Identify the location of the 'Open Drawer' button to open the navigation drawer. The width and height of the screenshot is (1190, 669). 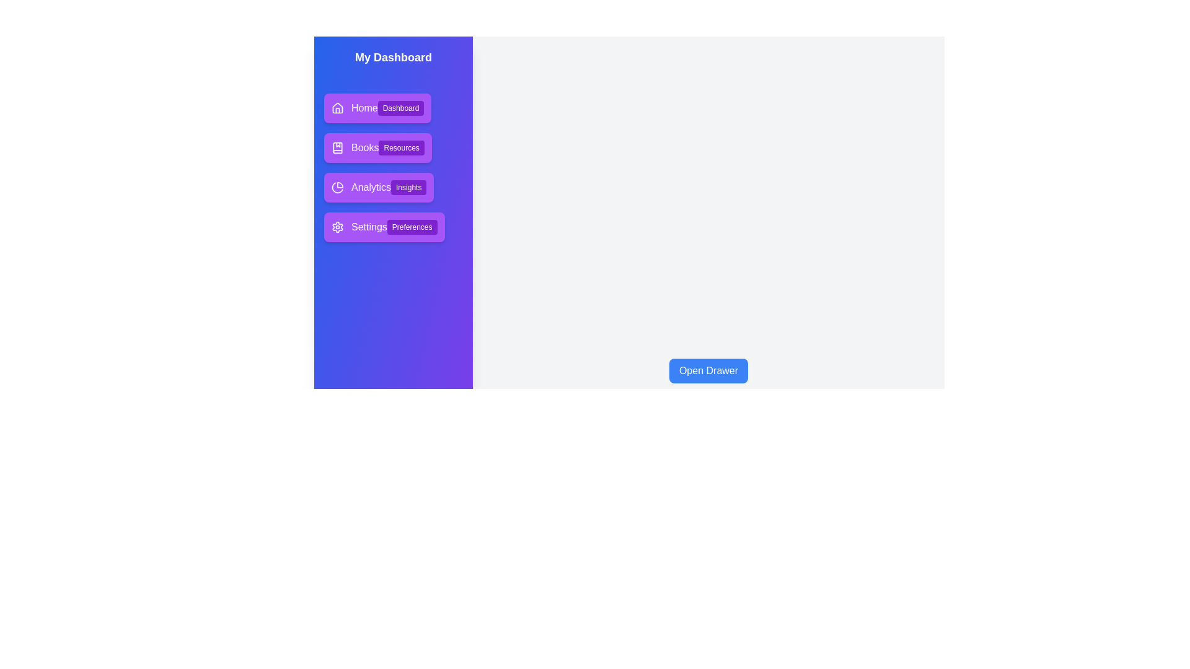
(708, 370).